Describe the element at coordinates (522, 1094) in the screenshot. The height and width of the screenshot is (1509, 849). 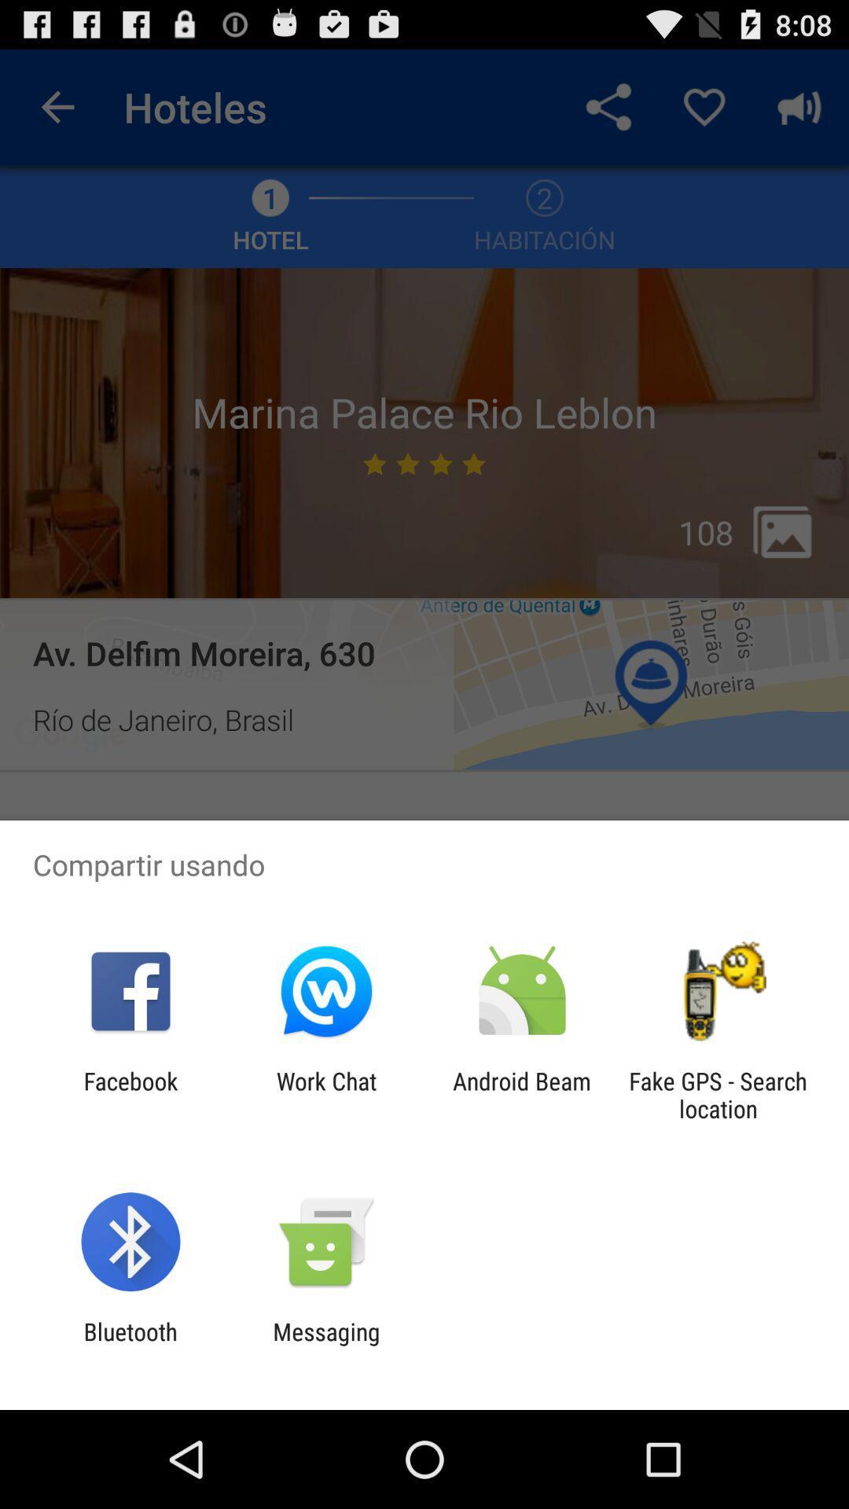
I see `the android beam icon` at that location.